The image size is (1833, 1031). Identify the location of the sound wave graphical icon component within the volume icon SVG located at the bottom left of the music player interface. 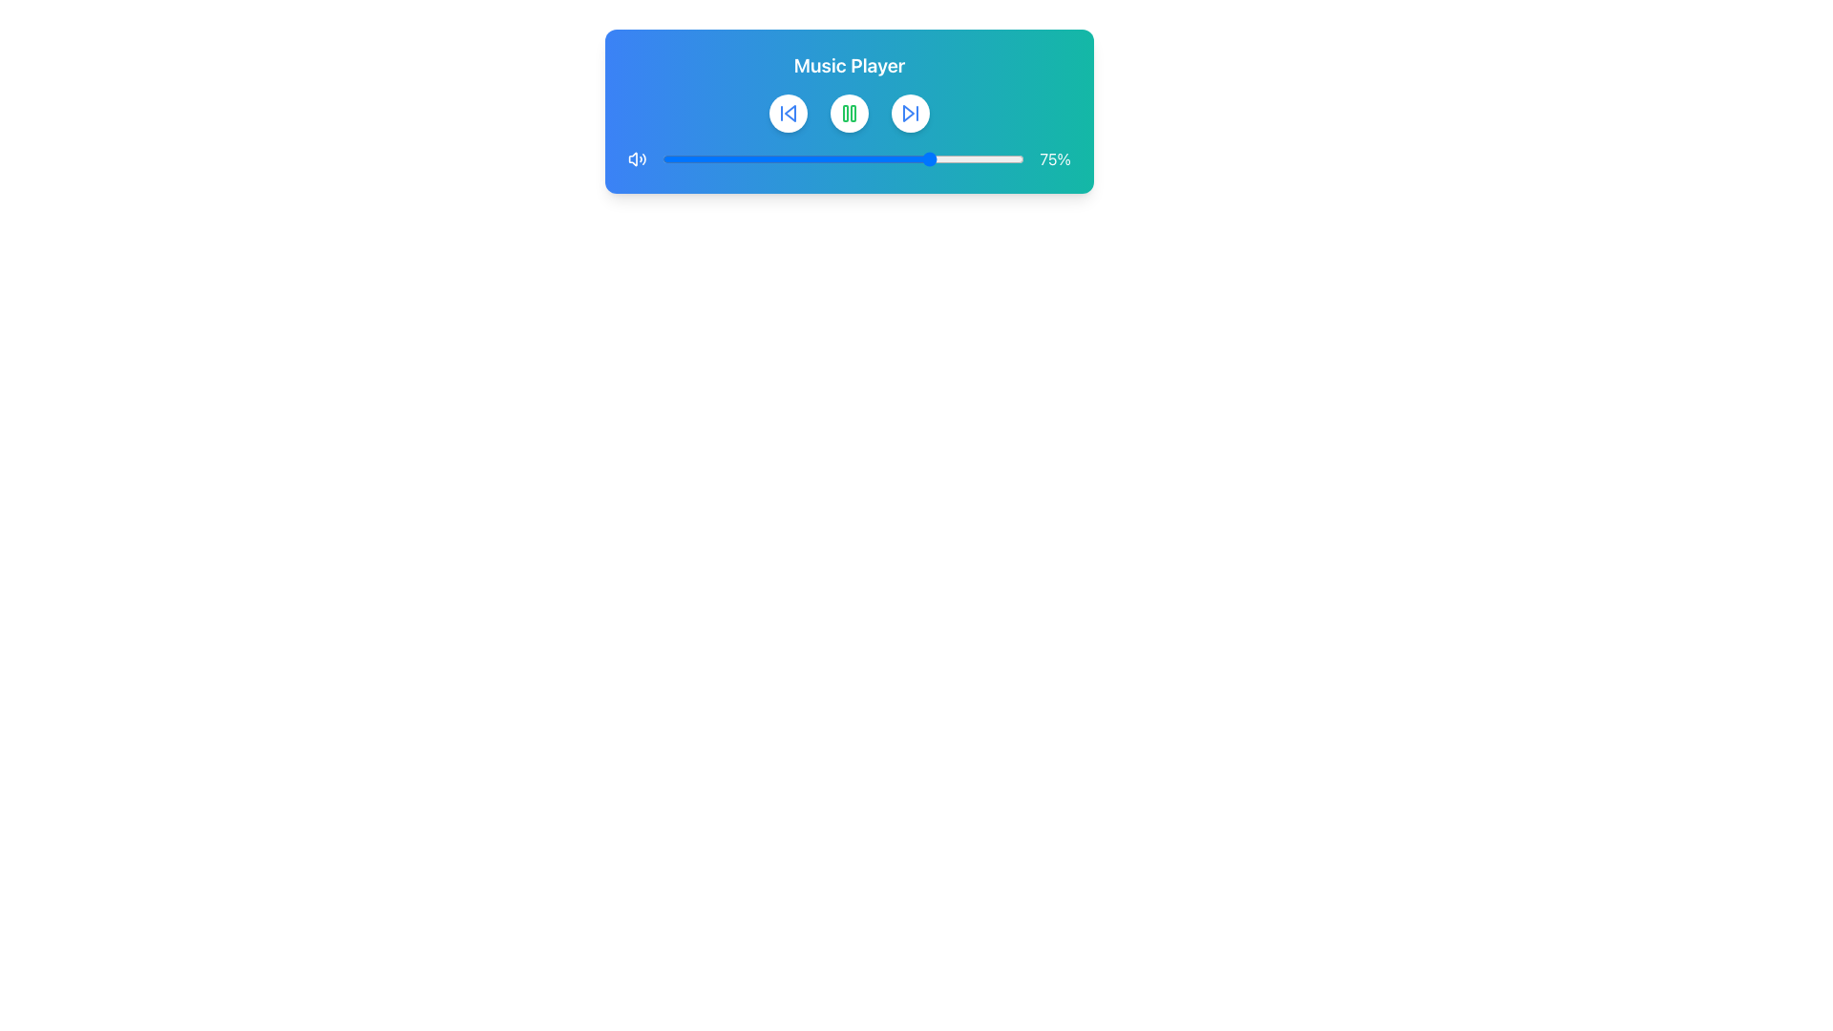
(643, 158).